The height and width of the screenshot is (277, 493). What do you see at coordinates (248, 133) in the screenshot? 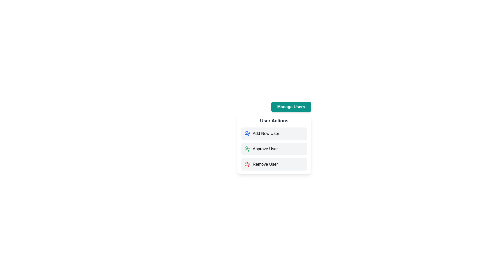
I see `the user profile icon with a plus sign, which is part of the 'Add New User' button located on the left side, styled in blue and positioned under the 'User Actions' header` at bounding box center [248, 133].